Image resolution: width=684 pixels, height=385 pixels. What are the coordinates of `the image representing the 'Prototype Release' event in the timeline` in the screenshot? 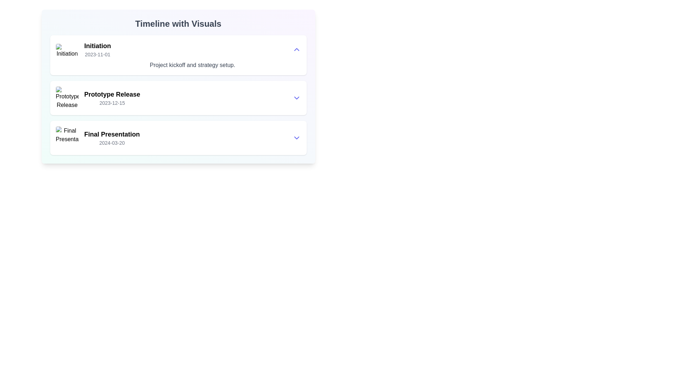 It's located at (67, 98).